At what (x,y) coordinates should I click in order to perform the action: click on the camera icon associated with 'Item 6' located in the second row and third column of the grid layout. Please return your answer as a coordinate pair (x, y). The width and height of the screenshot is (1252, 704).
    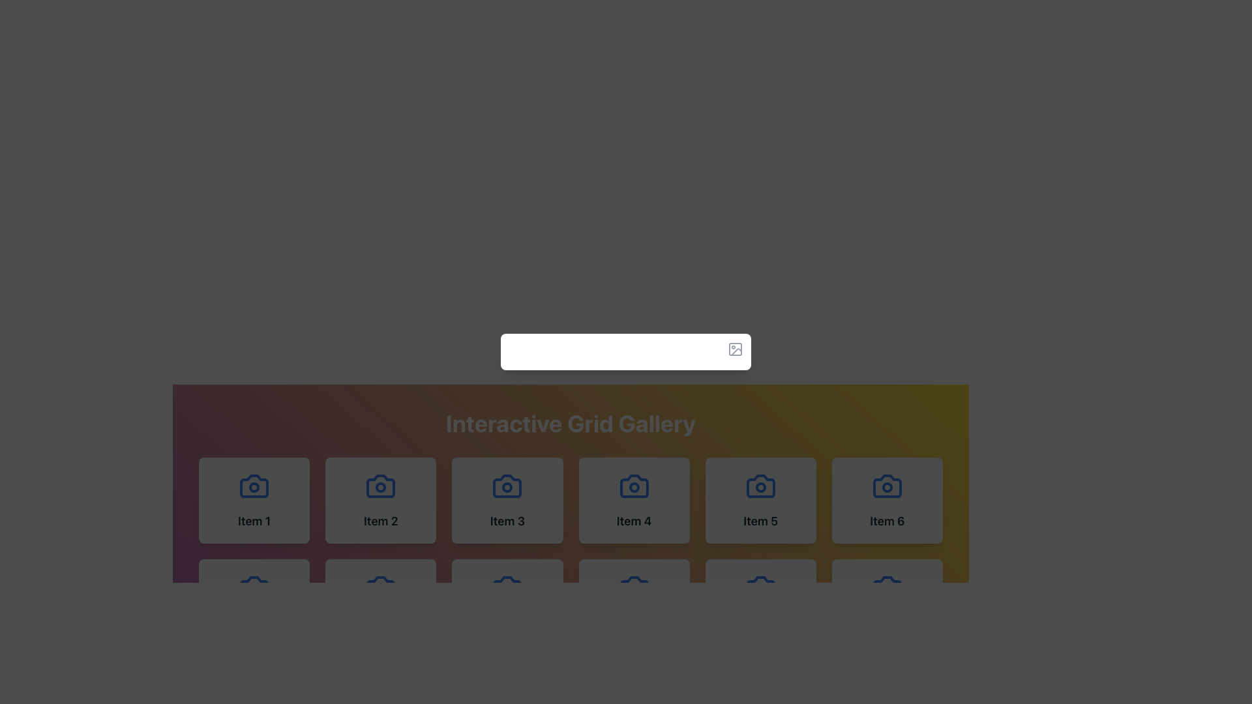
    Looking at the image, I should click on (887, 486).